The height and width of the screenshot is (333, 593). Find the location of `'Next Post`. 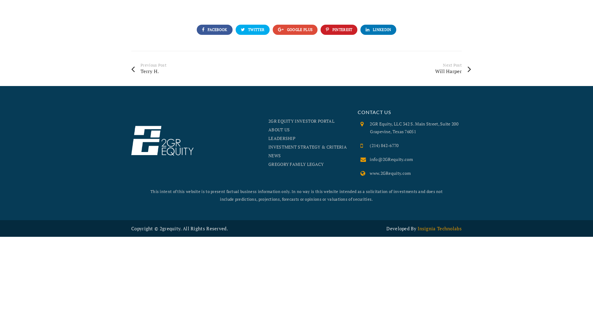

'Next Post is located at coordinates (388, 68).